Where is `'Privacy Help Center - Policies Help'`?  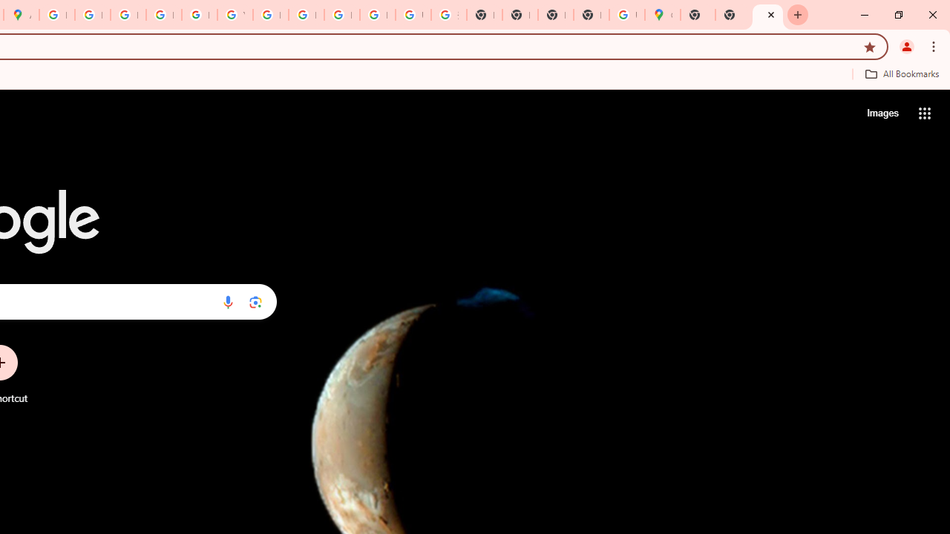
'Privacy Help Center - Policies Help' is located at coordinates (128, 15).